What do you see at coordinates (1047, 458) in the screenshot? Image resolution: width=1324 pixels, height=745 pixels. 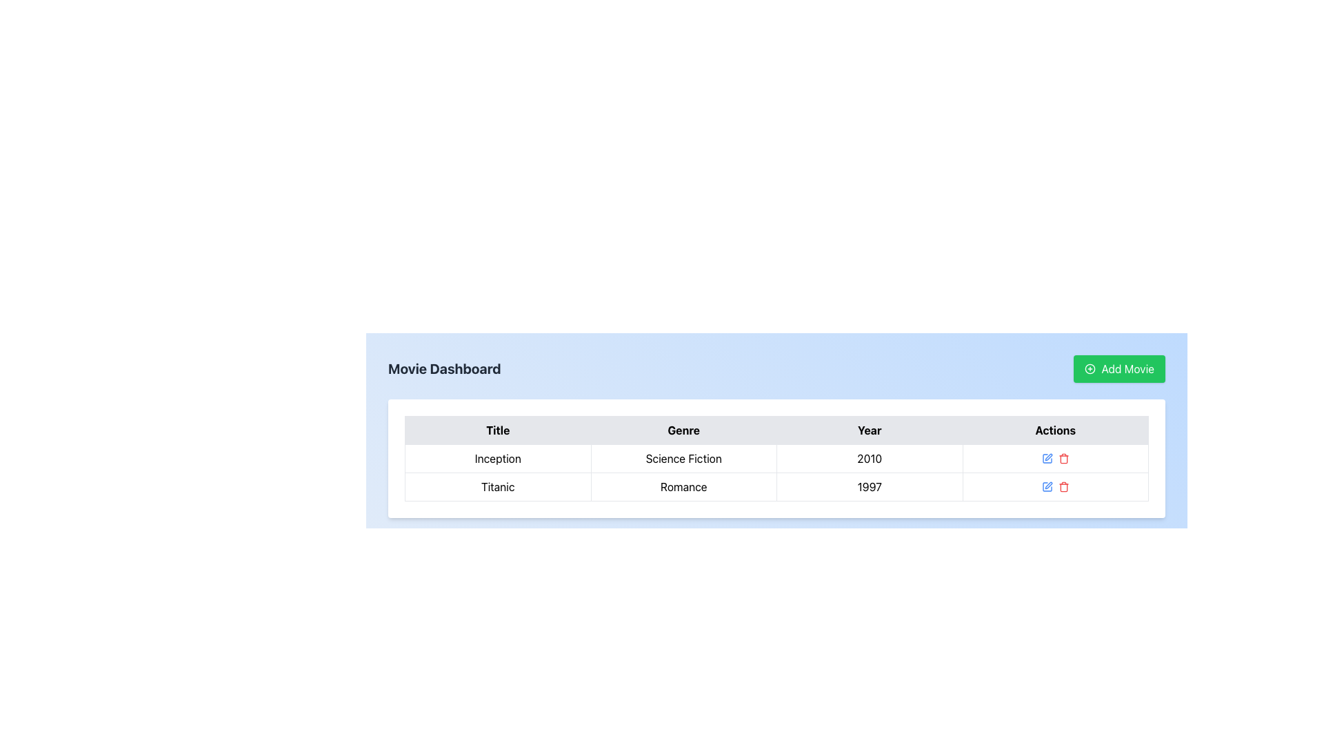 I see `the small blue pen icon button in the 'Actions' column of the second row of the data table` at bounding box center [1047, 458].